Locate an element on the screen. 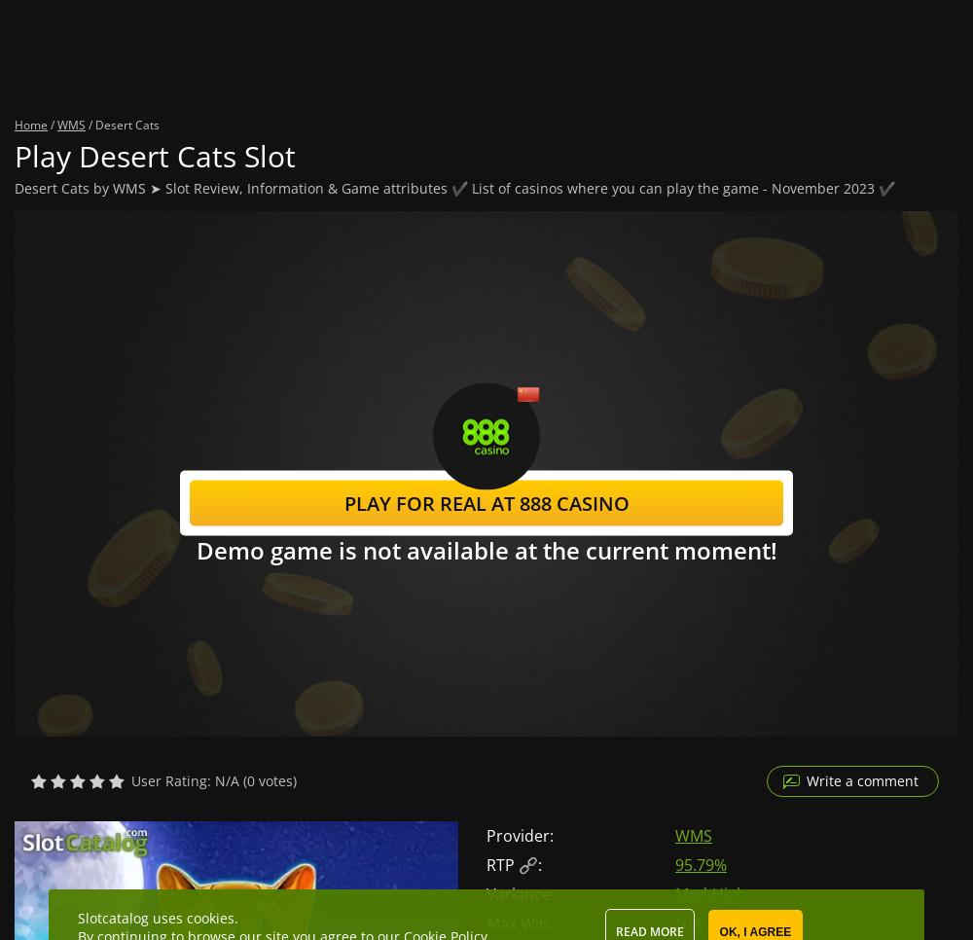 The width and height of the screenshot is (973, 940). 'Variance:' is located at coordinates (521, 892).